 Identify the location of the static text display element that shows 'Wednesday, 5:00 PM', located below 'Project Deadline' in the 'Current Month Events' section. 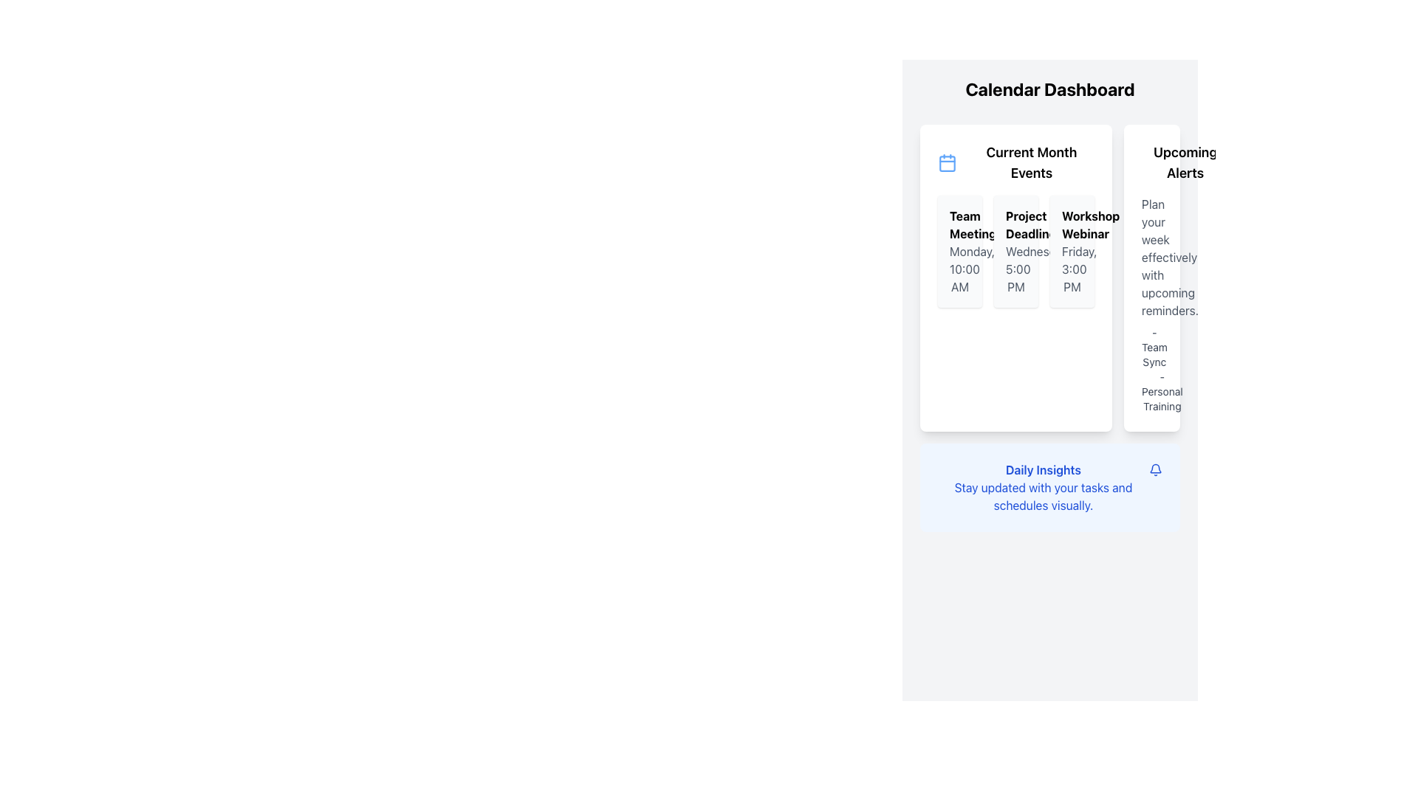
(1015, 269).